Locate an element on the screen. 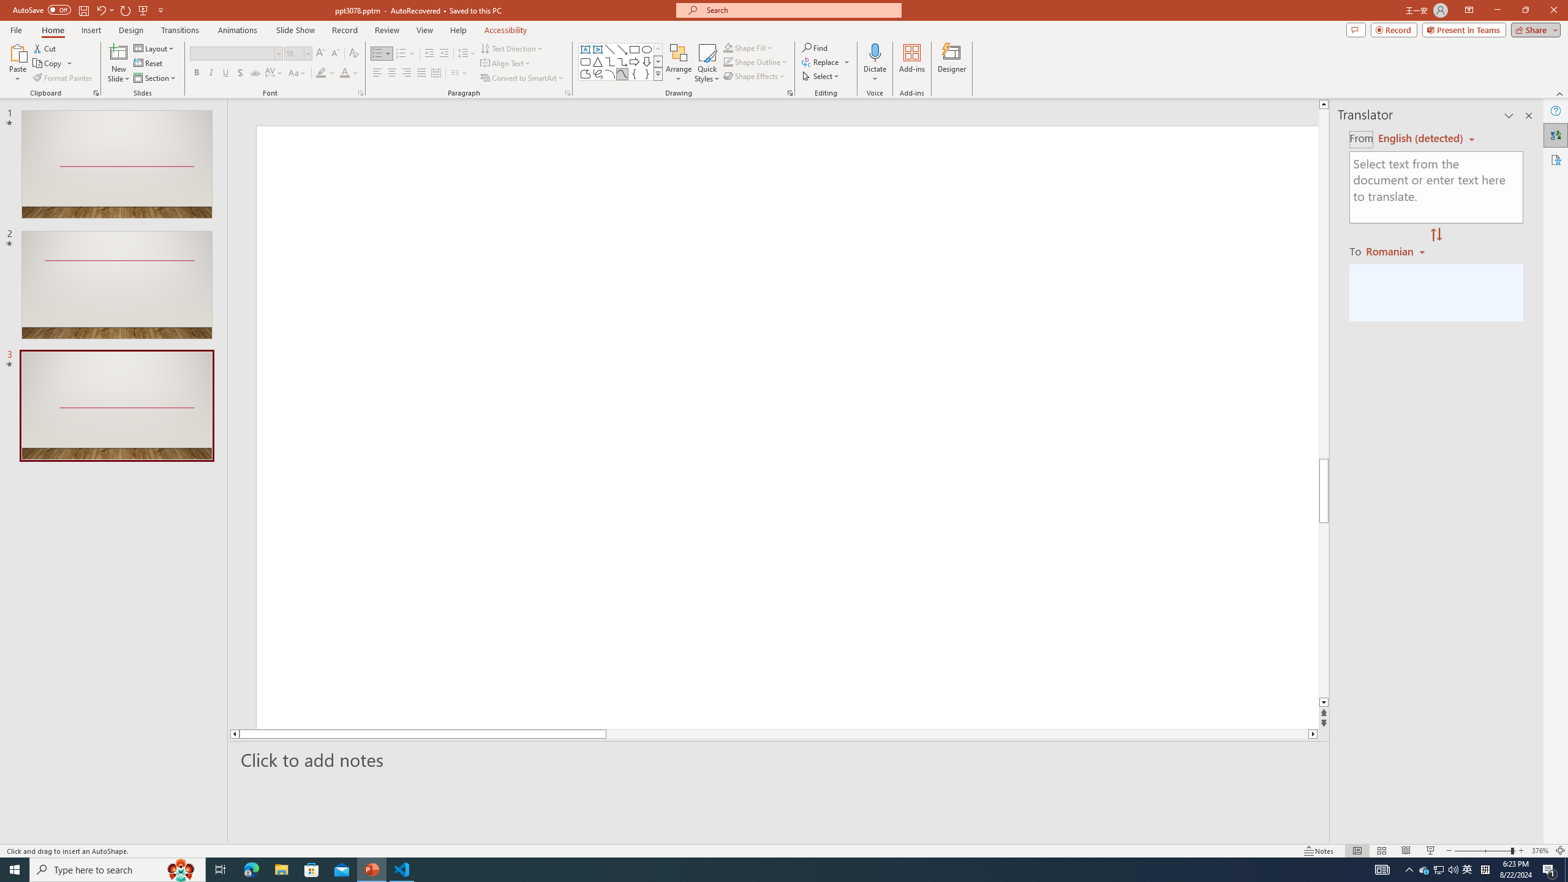 This screenshot has width=1568, height=882. 'Arrange' is located at coordinates (679, 63).